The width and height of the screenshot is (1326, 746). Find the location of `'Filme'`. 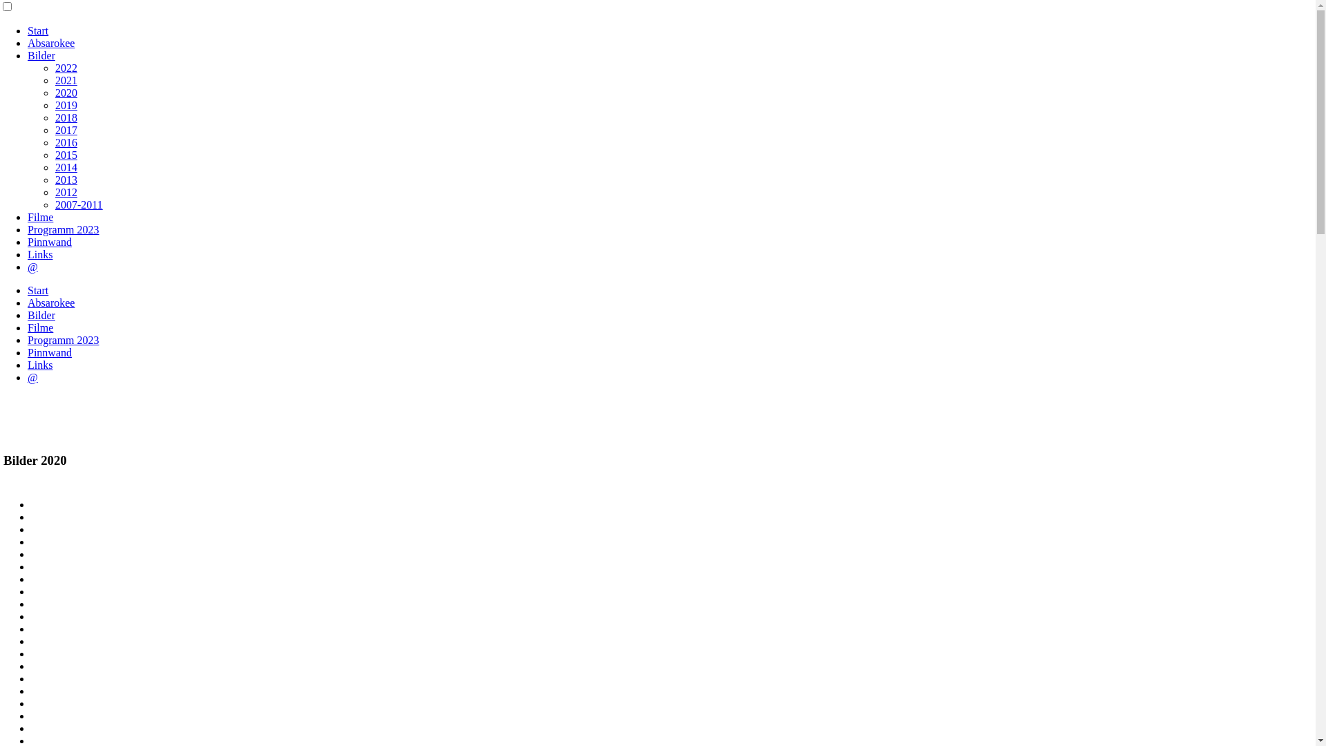

'Filme' is located at coordinates (27, 327).